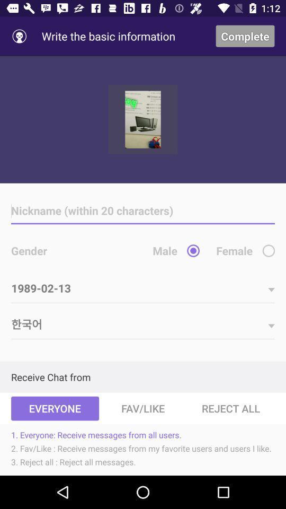 The width and height of the screenshot is (286, 509). What do you see at coordinates (193, 251) in the screenshot?
I see `male gender` at bounding box center [193, 251].